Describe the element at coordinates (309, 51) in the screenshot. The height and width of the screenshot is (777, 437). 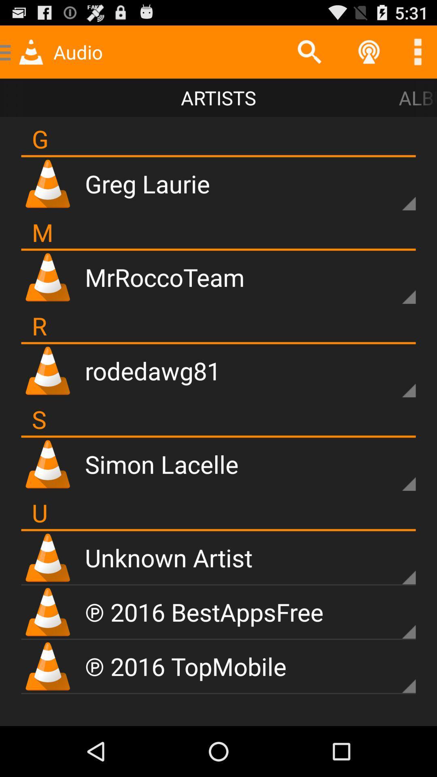
I see `the icon to the right of the audio` at that location.